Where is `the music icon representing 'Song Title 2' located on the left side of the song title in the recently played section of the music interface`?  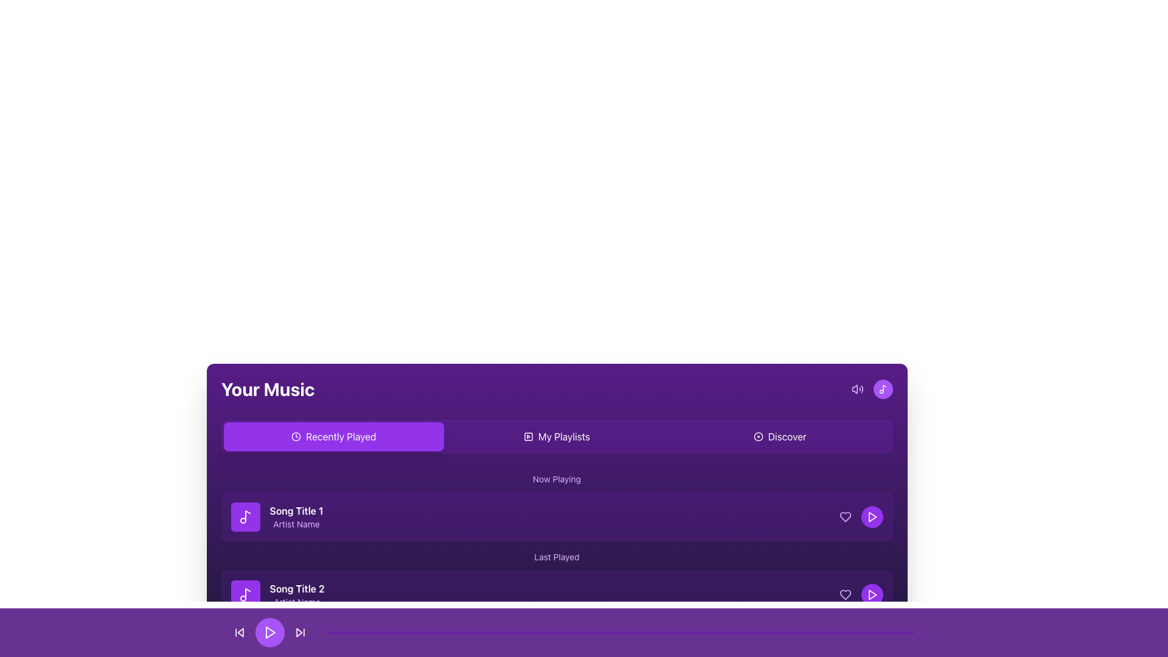 the music icon representing 'Song Title 2' located on the left side of the song title in the recently played section of the music interface is located at coordinates (245, 594).